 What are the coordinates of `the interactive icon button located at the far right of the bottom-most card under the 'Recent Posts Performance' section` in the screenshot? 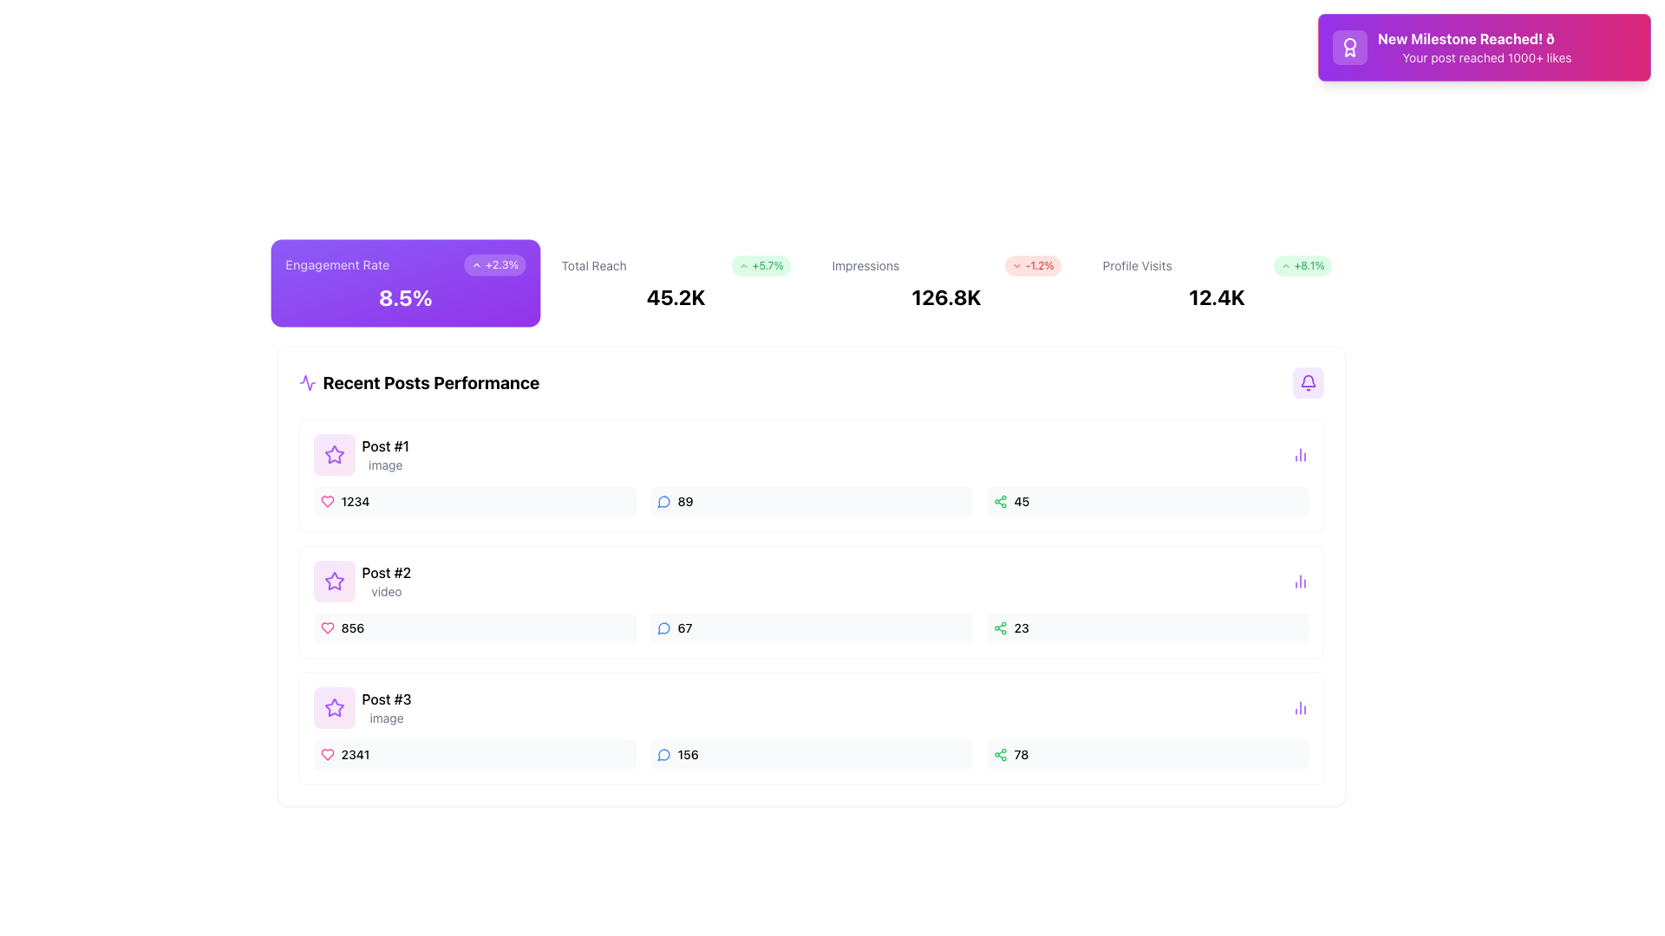 It's located at (1300, 708).